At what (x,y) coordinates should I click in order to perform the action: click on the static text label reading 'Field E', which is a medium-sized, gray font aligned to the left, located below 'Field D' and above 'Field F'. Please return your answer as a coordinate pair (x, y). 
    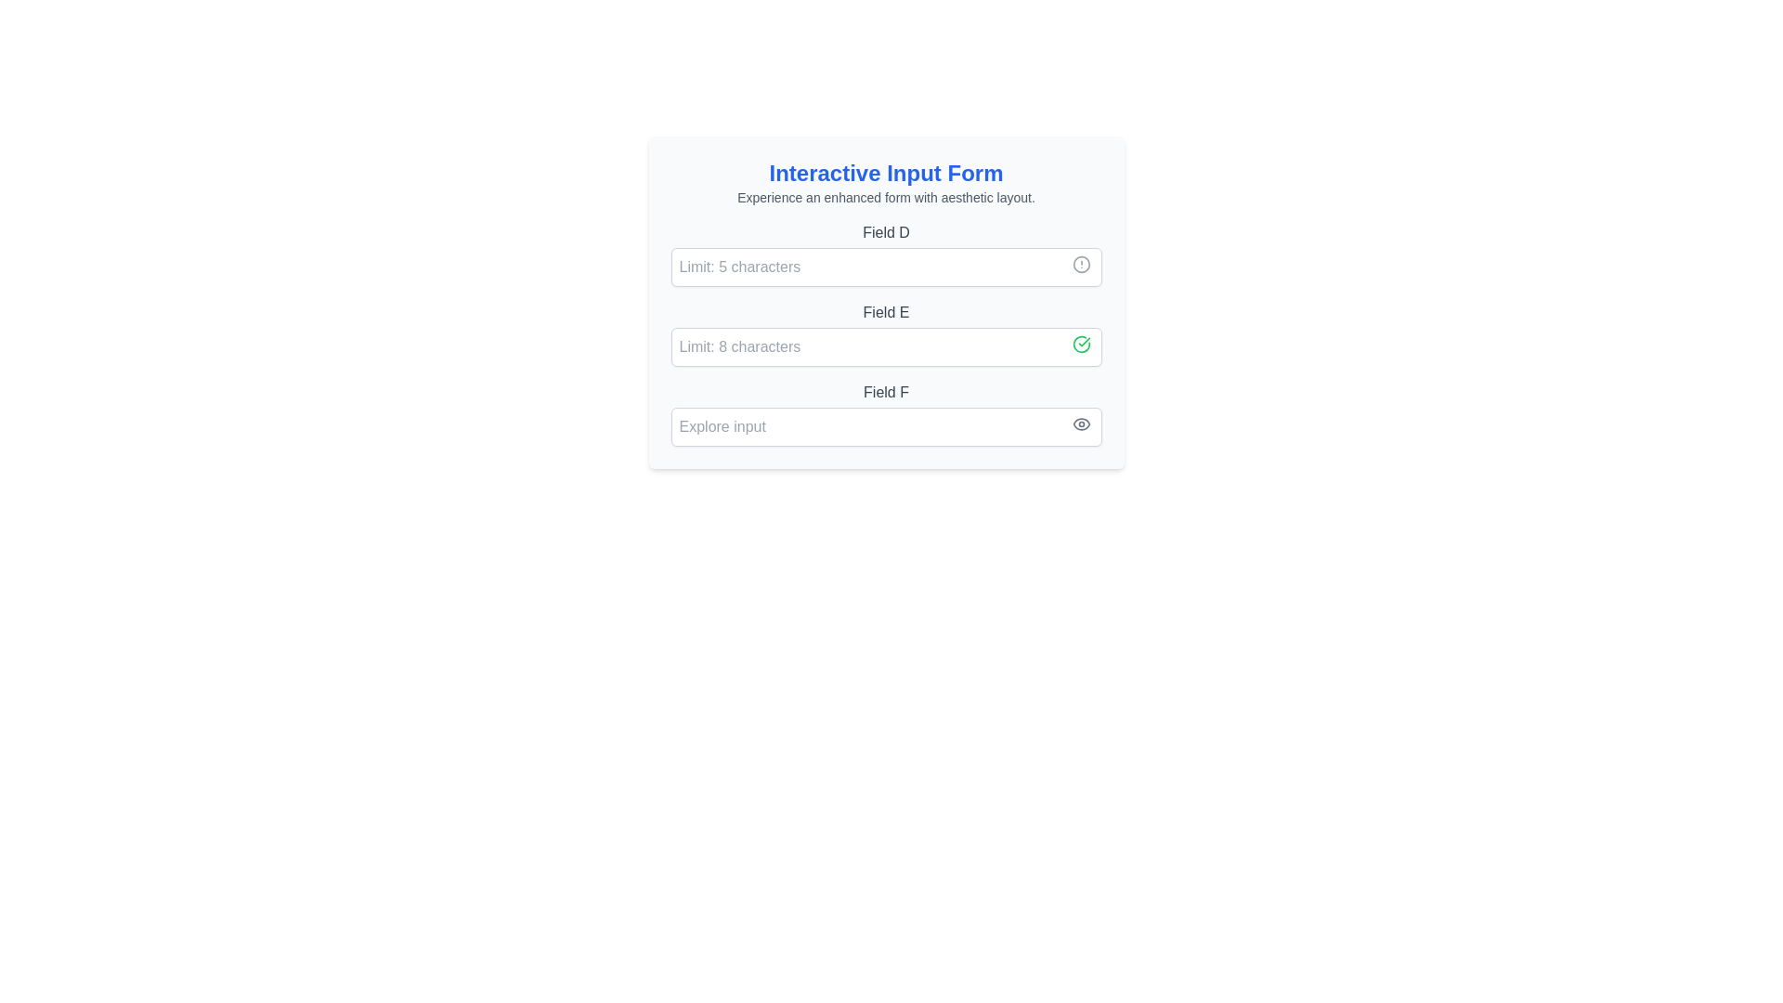
    Looking at the image, I should click on (885, 311).